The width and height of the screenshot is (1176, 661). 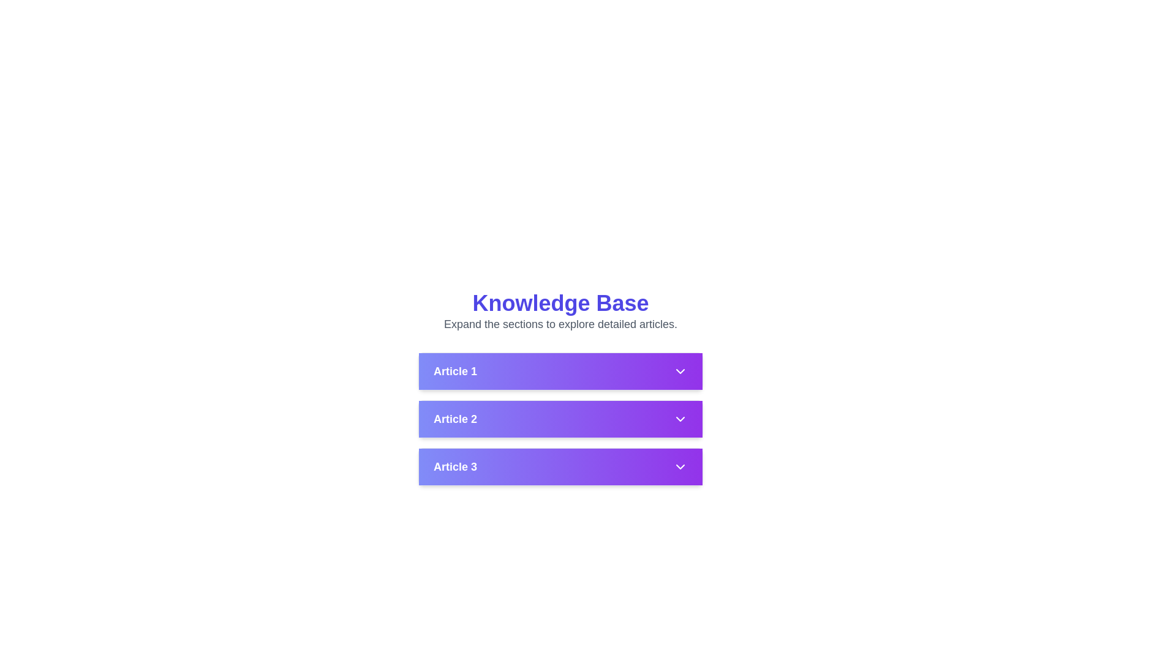 I want to click on the collapsible section header labeled 'Article 2', so click(x=560, y=419).